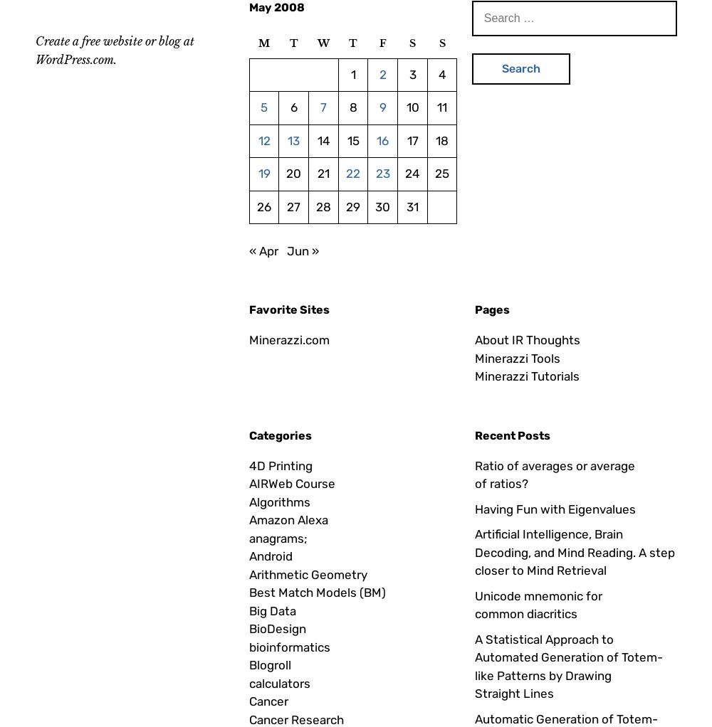 This screenshot has height=727, width=712. Describe the element at coordinates (441, 172) in the screenshot. I see `'25'` at that location.